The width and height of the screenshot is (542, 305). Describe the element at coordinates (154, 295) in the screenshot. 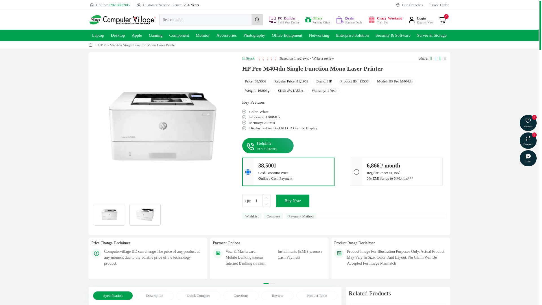

I see `'Description'` at that location.